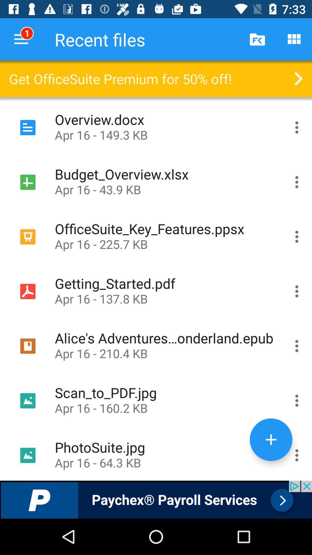 The width and height of the screenshot is (312, 555). I want to click on open more option, so click(297, 291).